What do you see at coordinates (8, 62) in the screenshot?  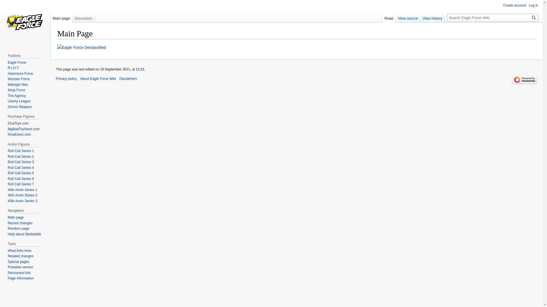 I see `'Eagle Force'` at bounding box center [8, 62].